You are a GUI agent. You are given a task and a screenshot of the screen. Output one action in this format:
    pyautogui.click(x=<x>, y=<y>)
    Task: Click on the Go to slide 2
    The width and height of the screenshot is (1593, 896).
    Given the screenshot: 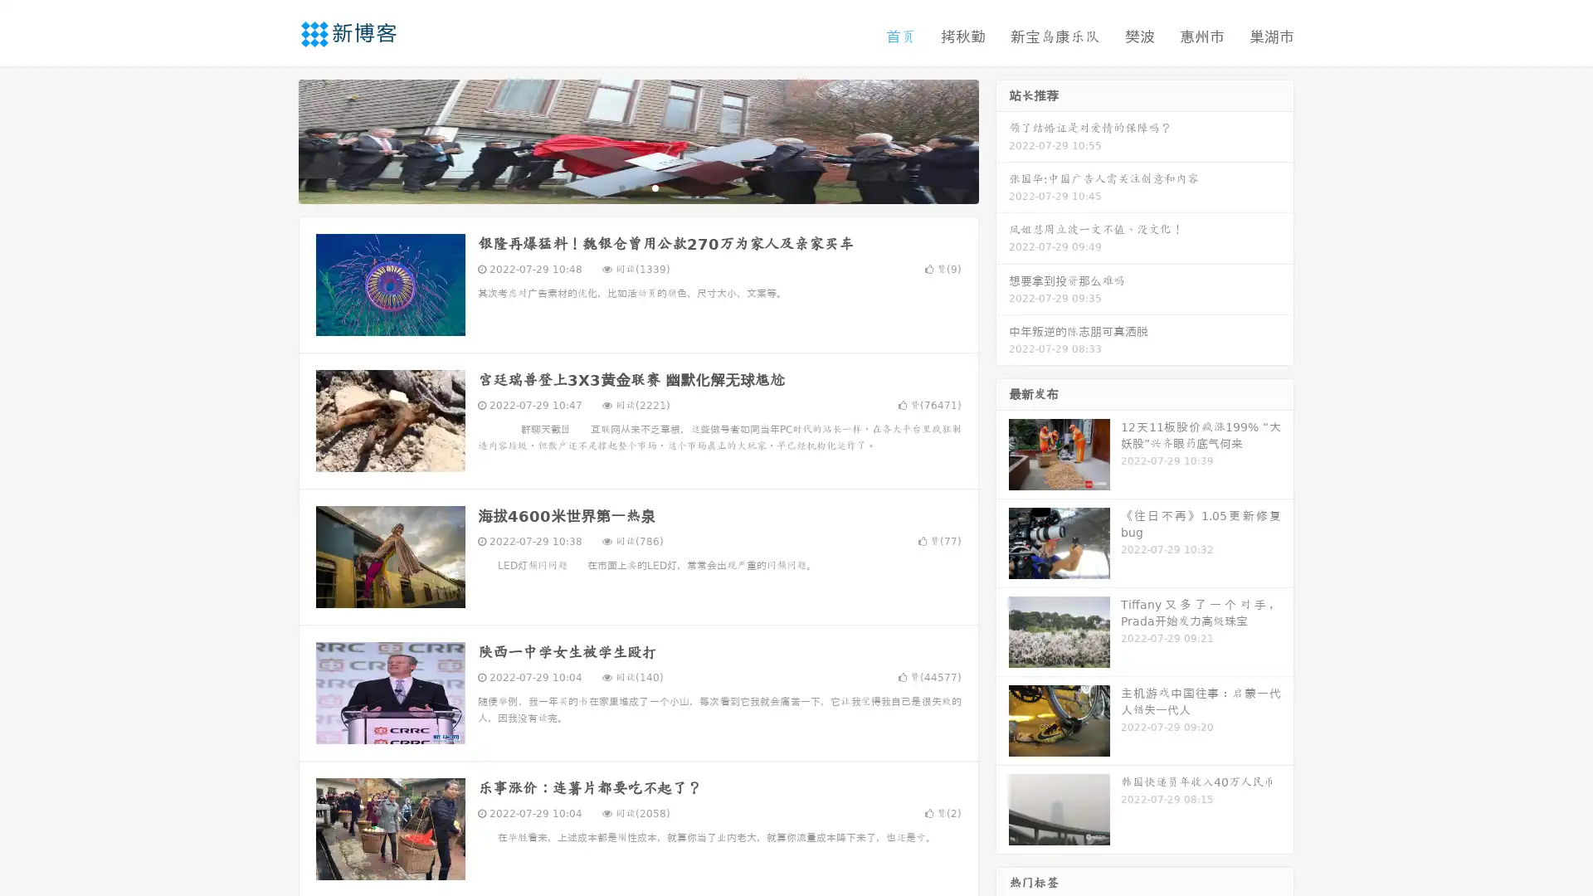 What is the action you would take?
    pyautogui.click(x=637, y=187)
    